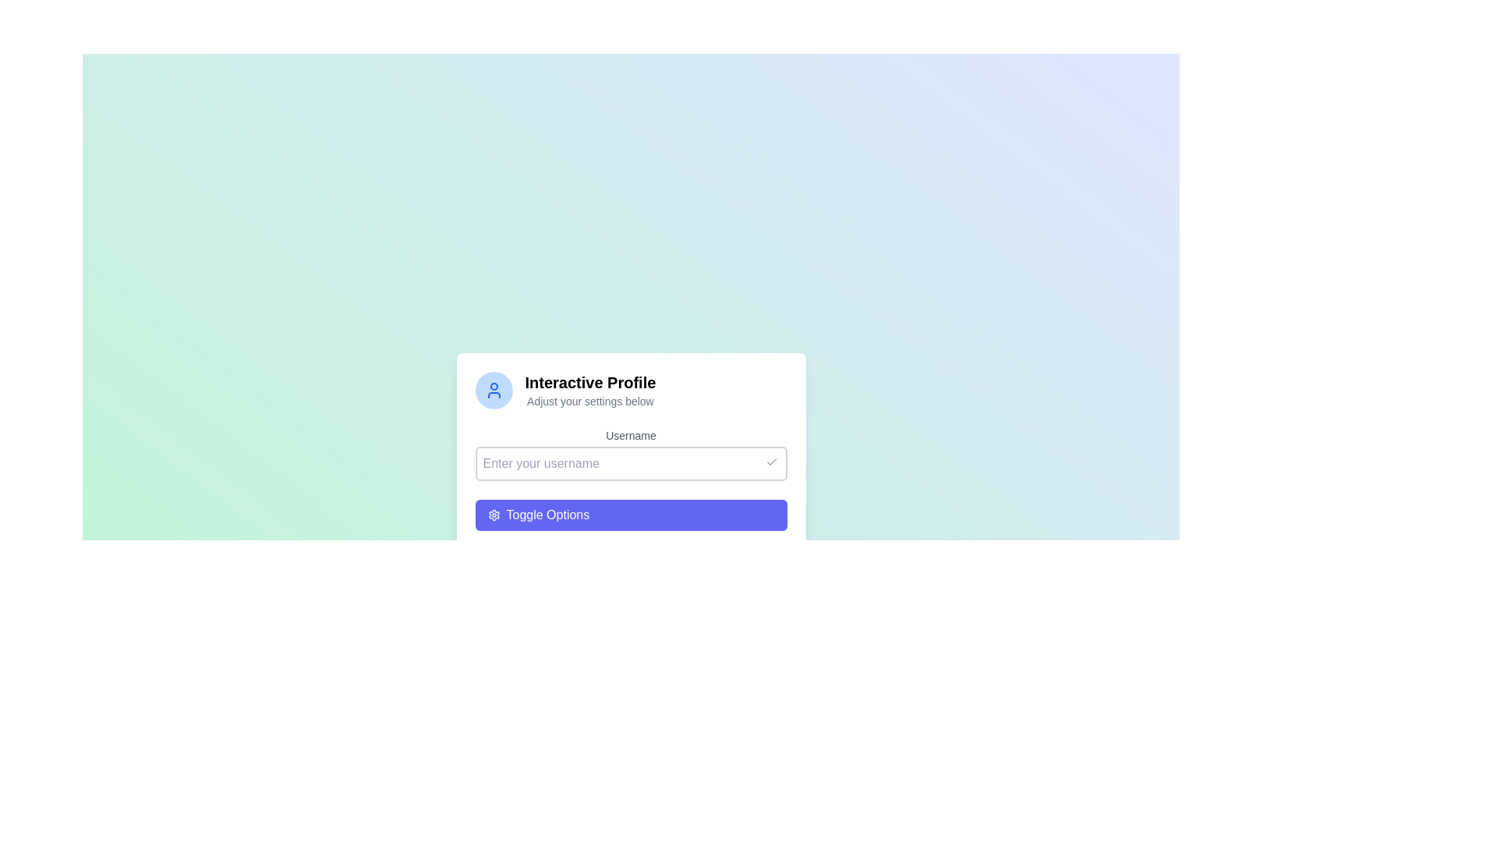 The image size is (1497, 842). Describe the element at coordinates (631, 454) in the screenshot. I see `the 'Username' text input field, which is styled with a modern design and features a placeholder text 'Enter your username'` at that location.